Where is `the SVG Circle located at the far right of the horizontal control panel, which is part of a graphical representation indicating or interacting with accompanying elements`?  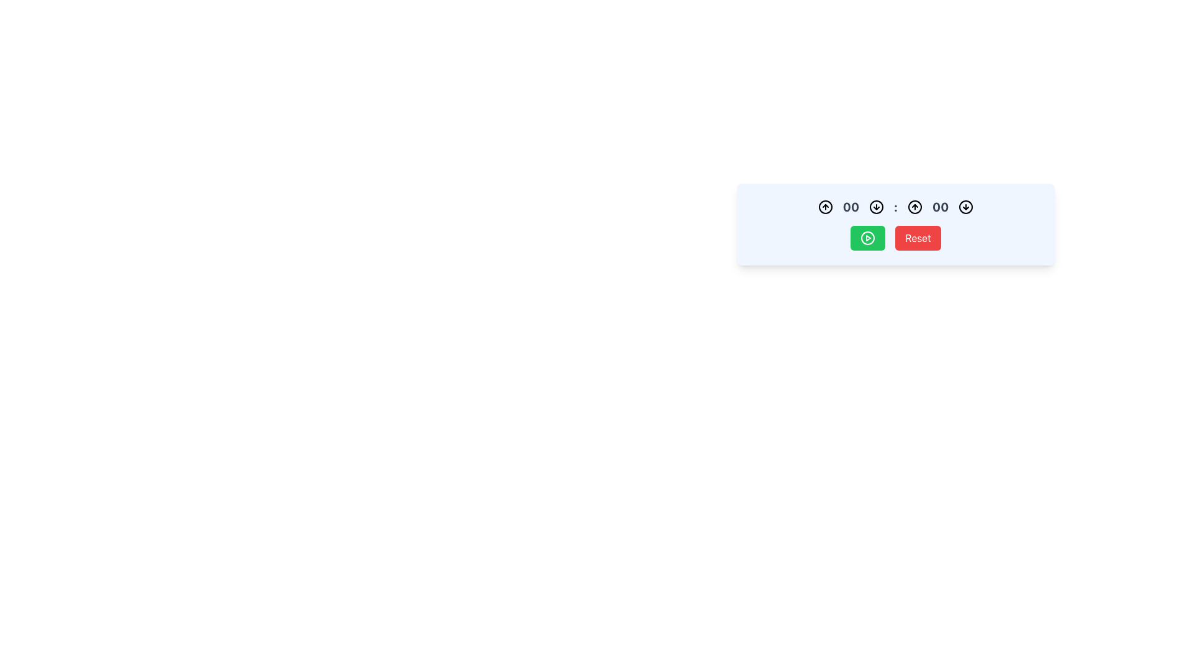 the SVG Circle located at the far right of the horizontal control panel, which is part of a graphical representation indicating or interacting with accompanying elements is located at coordinates (965, 207).